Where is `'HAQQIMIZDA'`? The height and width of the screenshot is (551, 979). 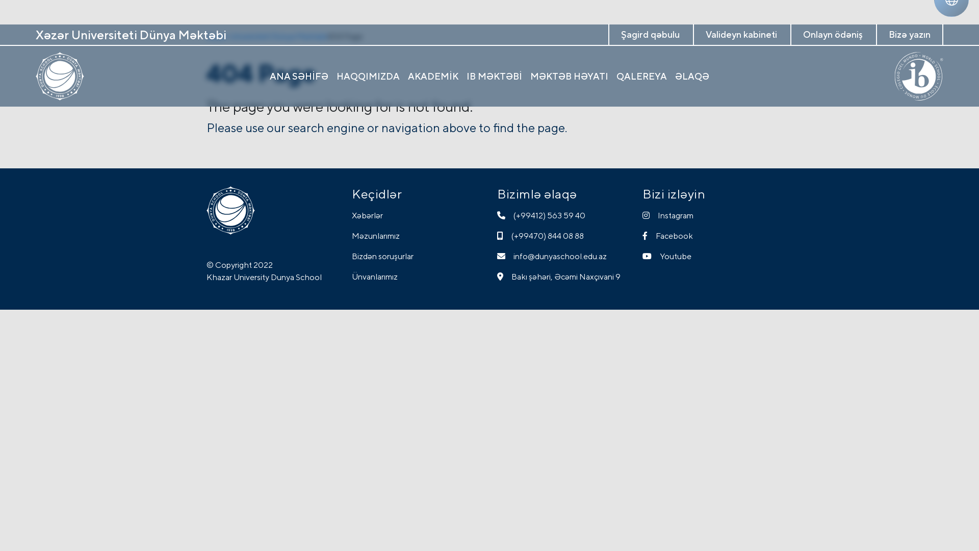 'HAQQIMIZDA' is located at coordinates (332, 76).